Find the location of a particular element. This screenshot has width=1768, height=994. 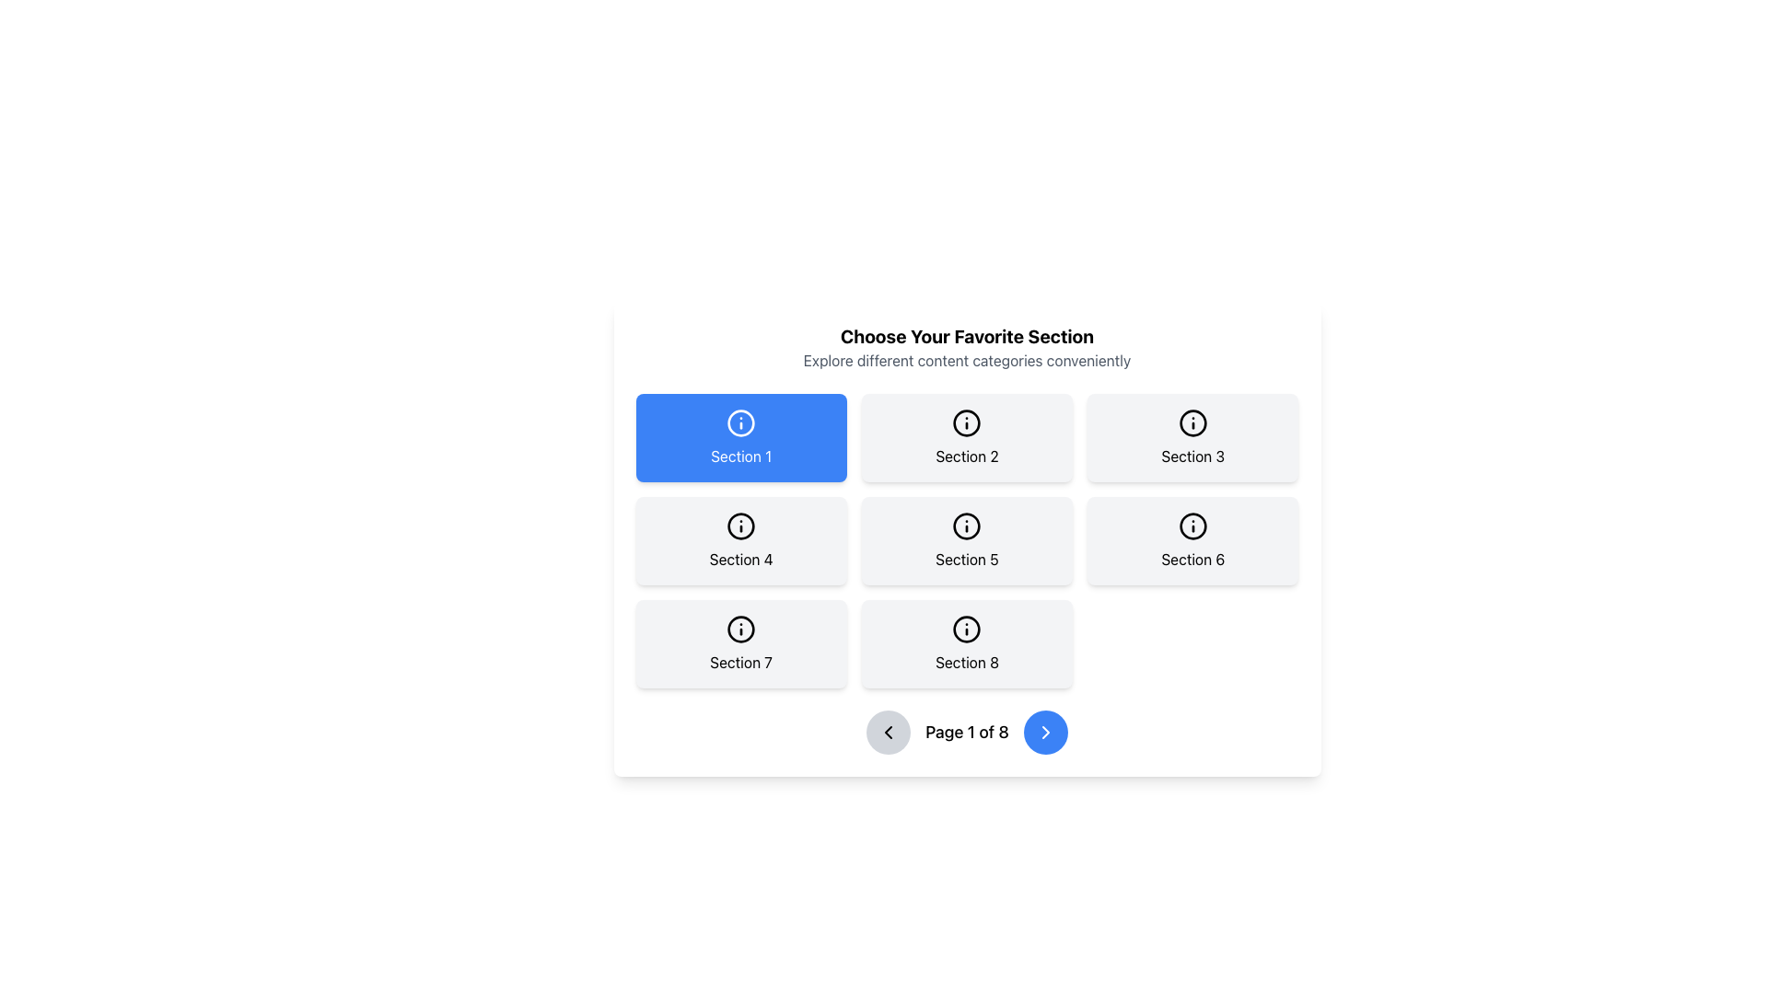

the rightward-pointing chevron icon embedded within the circular button for pagination control is located at coordinates (1045, 731).